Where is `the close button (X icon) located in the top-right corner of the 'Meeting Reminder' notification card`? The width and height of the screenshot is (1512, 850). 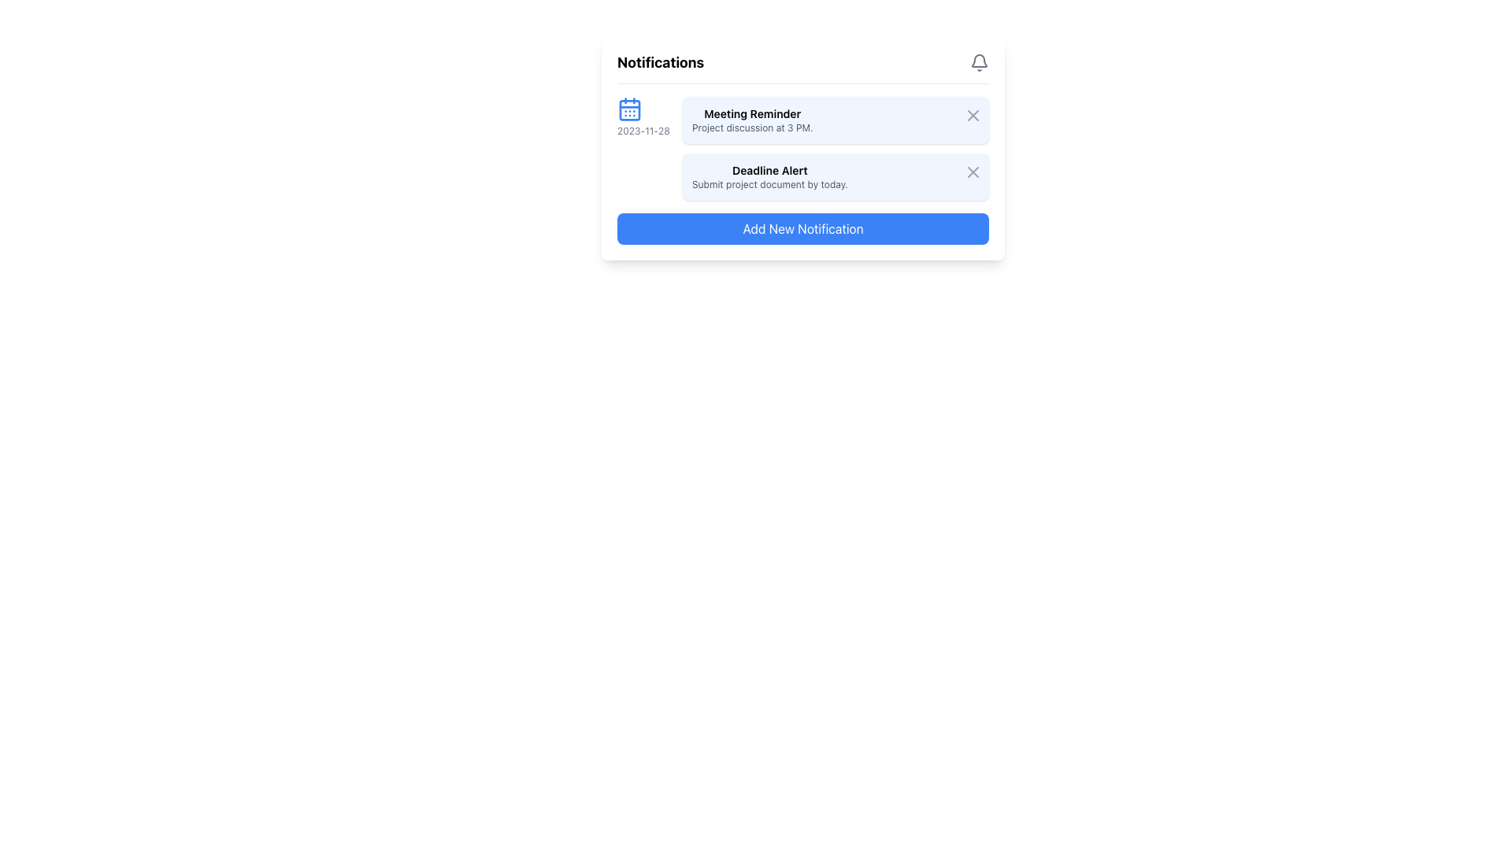 the close button (X icon) located in the top-right corner of the 'Meeting Reminder' notification card is located at coordinates (973, 114).